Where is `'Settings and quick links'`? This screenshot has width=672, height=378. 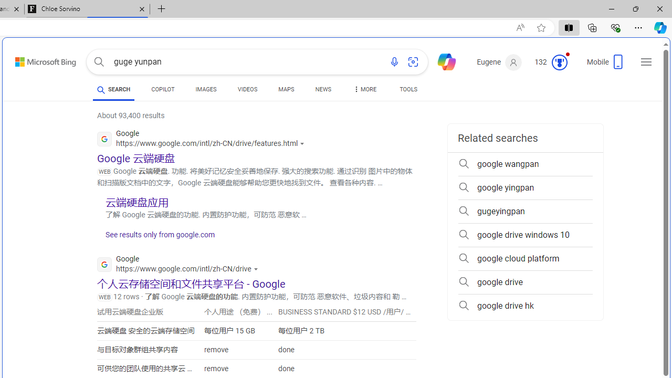
'Settings and quick links' is located at coordinates (646, 62).